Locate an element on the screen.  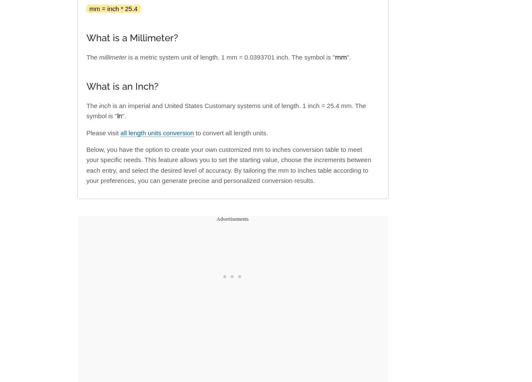
'is an imperial and United States Customary systems unit of length. 1 inch = 25.4 mm. The symbol is "' is located at coordinates (226, 110).